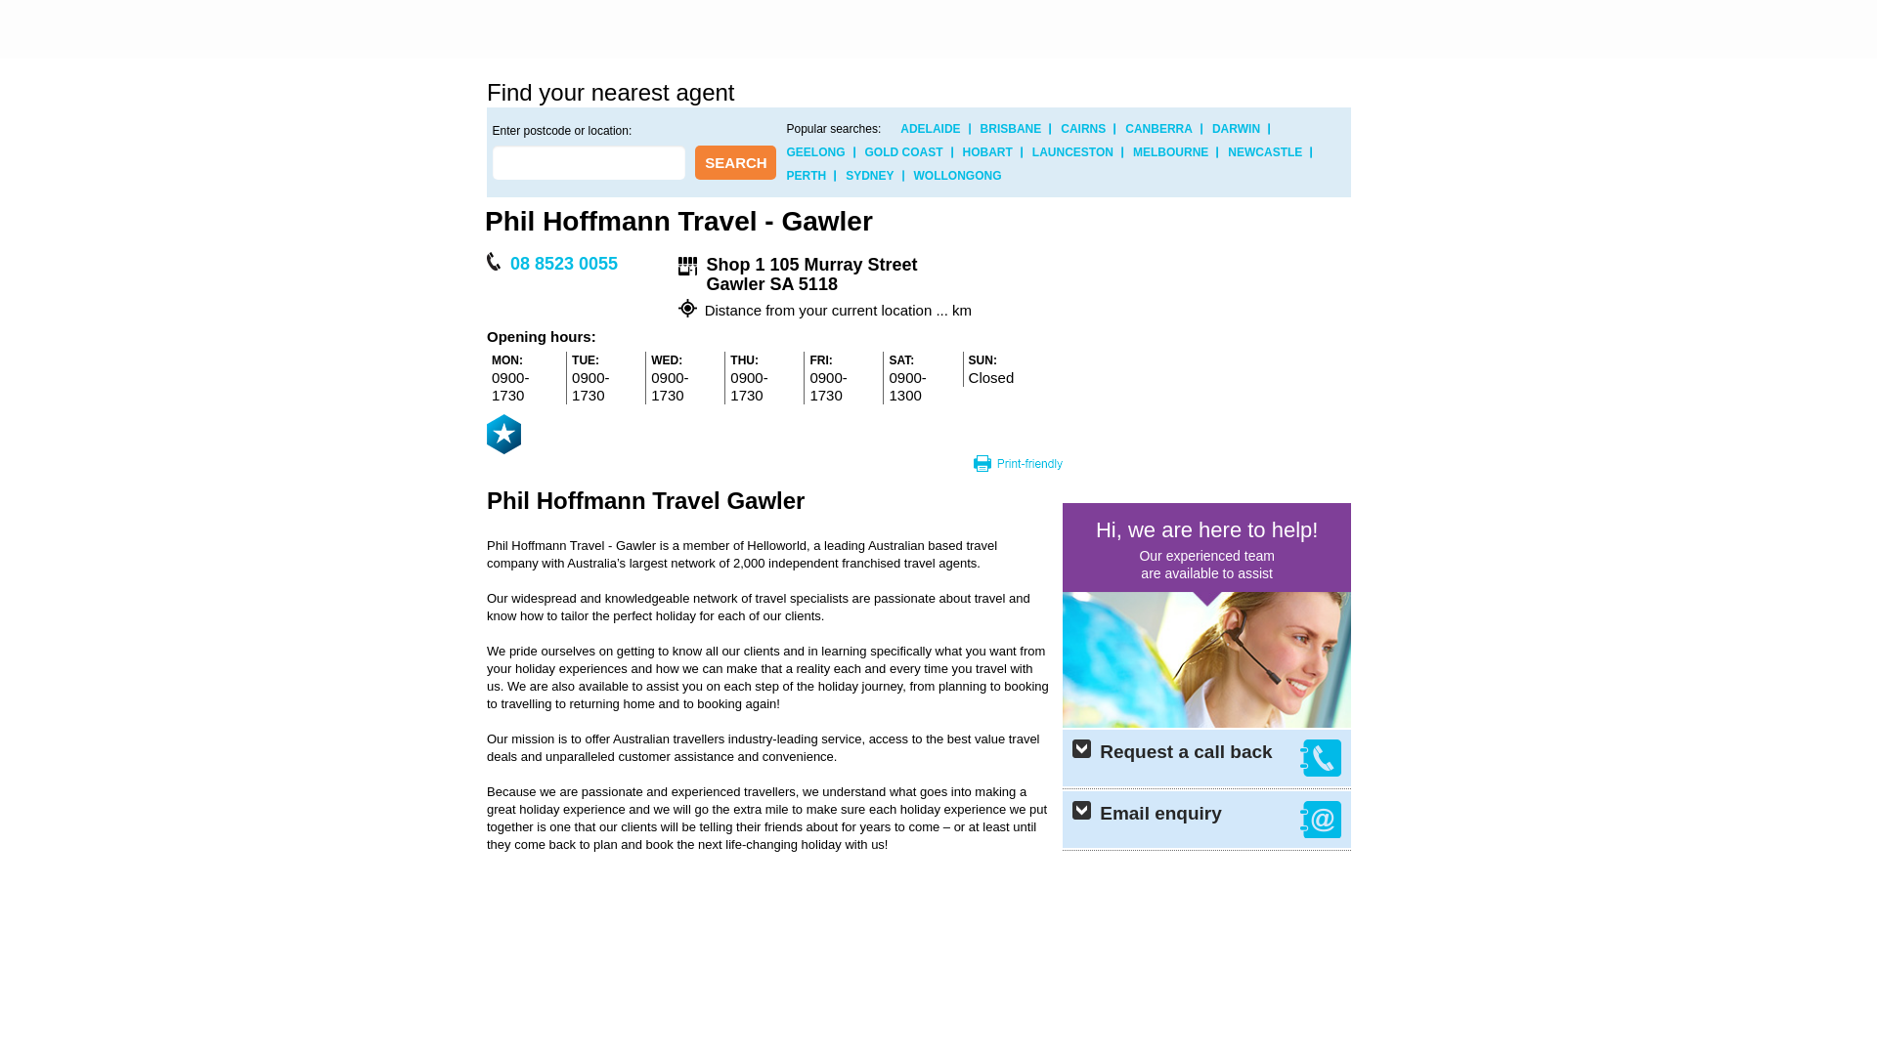  I want to click on 'NEWCASTLE', so click(1265, 150).